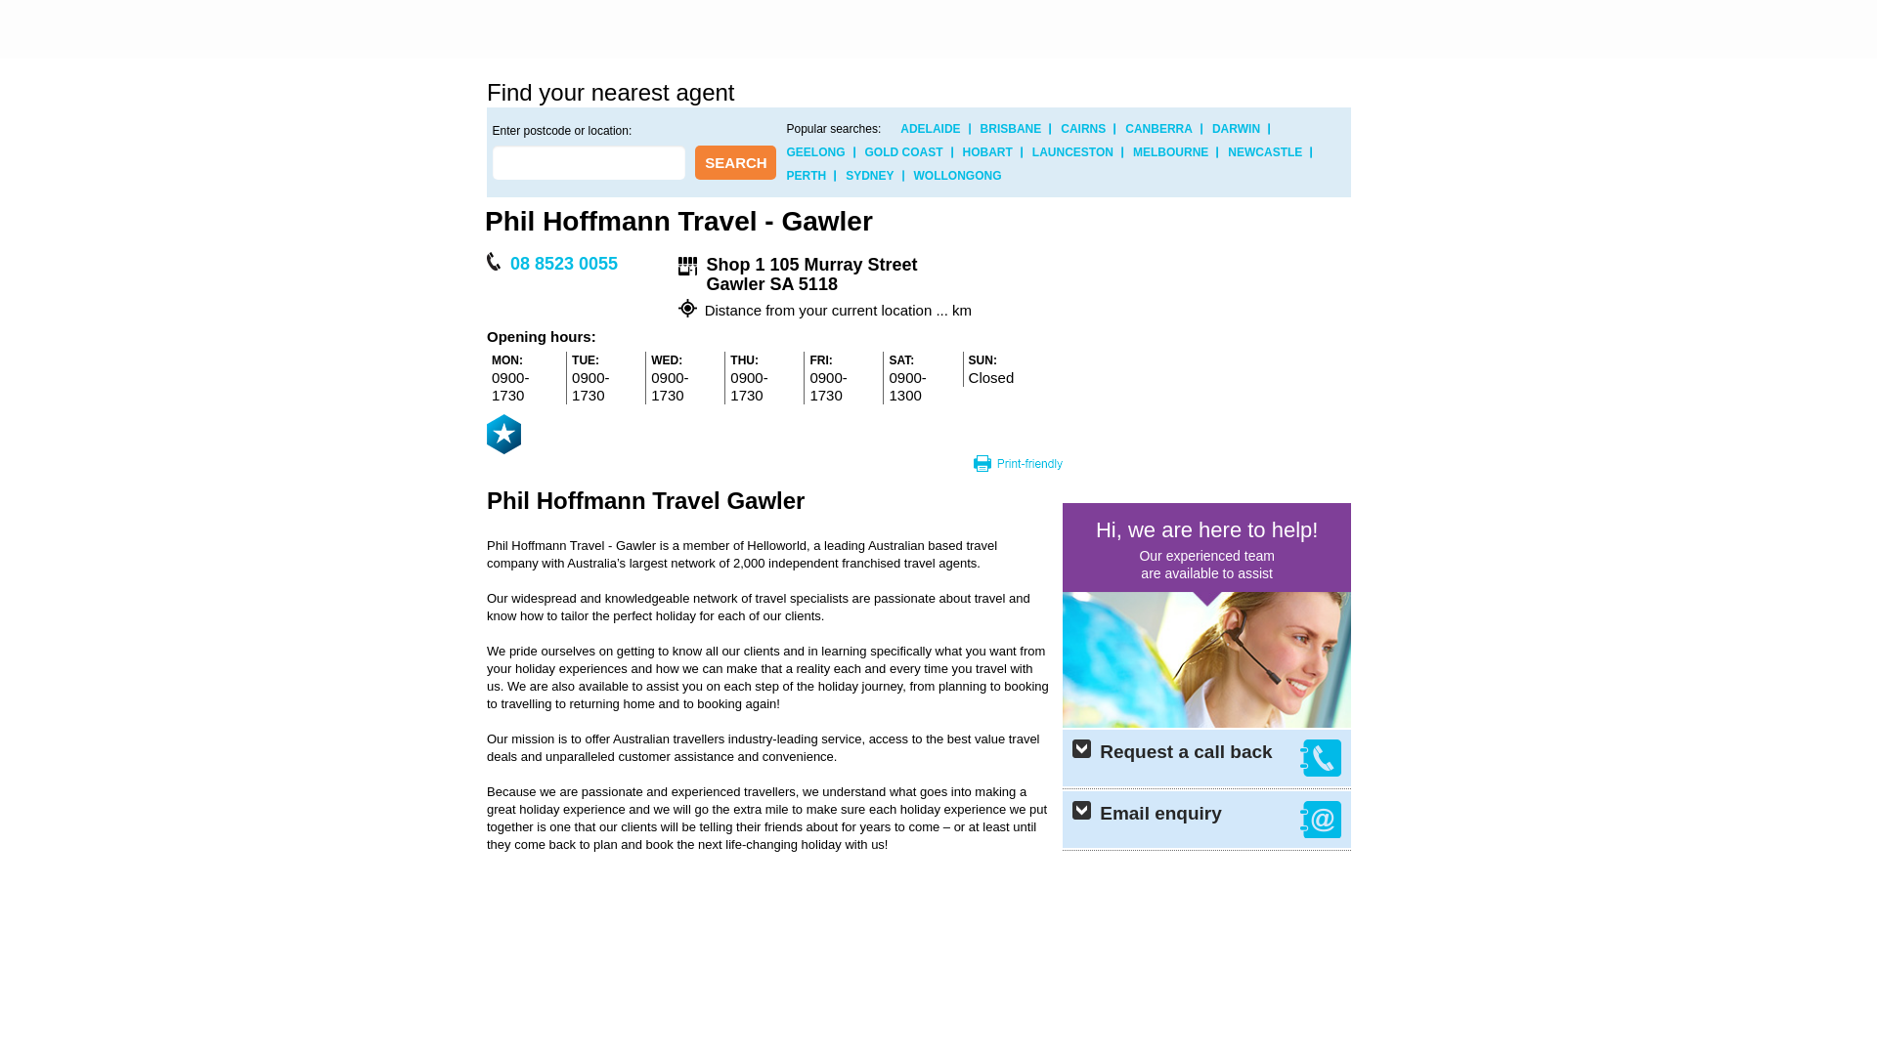  I want to click on 'NEWCASTLE', so click(1265, 150).